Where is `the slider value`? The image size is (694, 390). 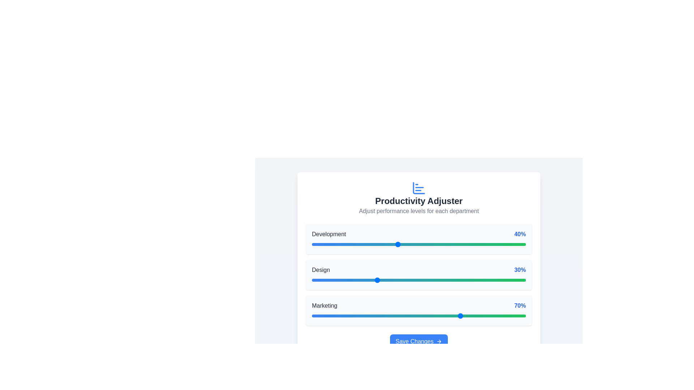 the slider value is located at coordinates (378, 244).